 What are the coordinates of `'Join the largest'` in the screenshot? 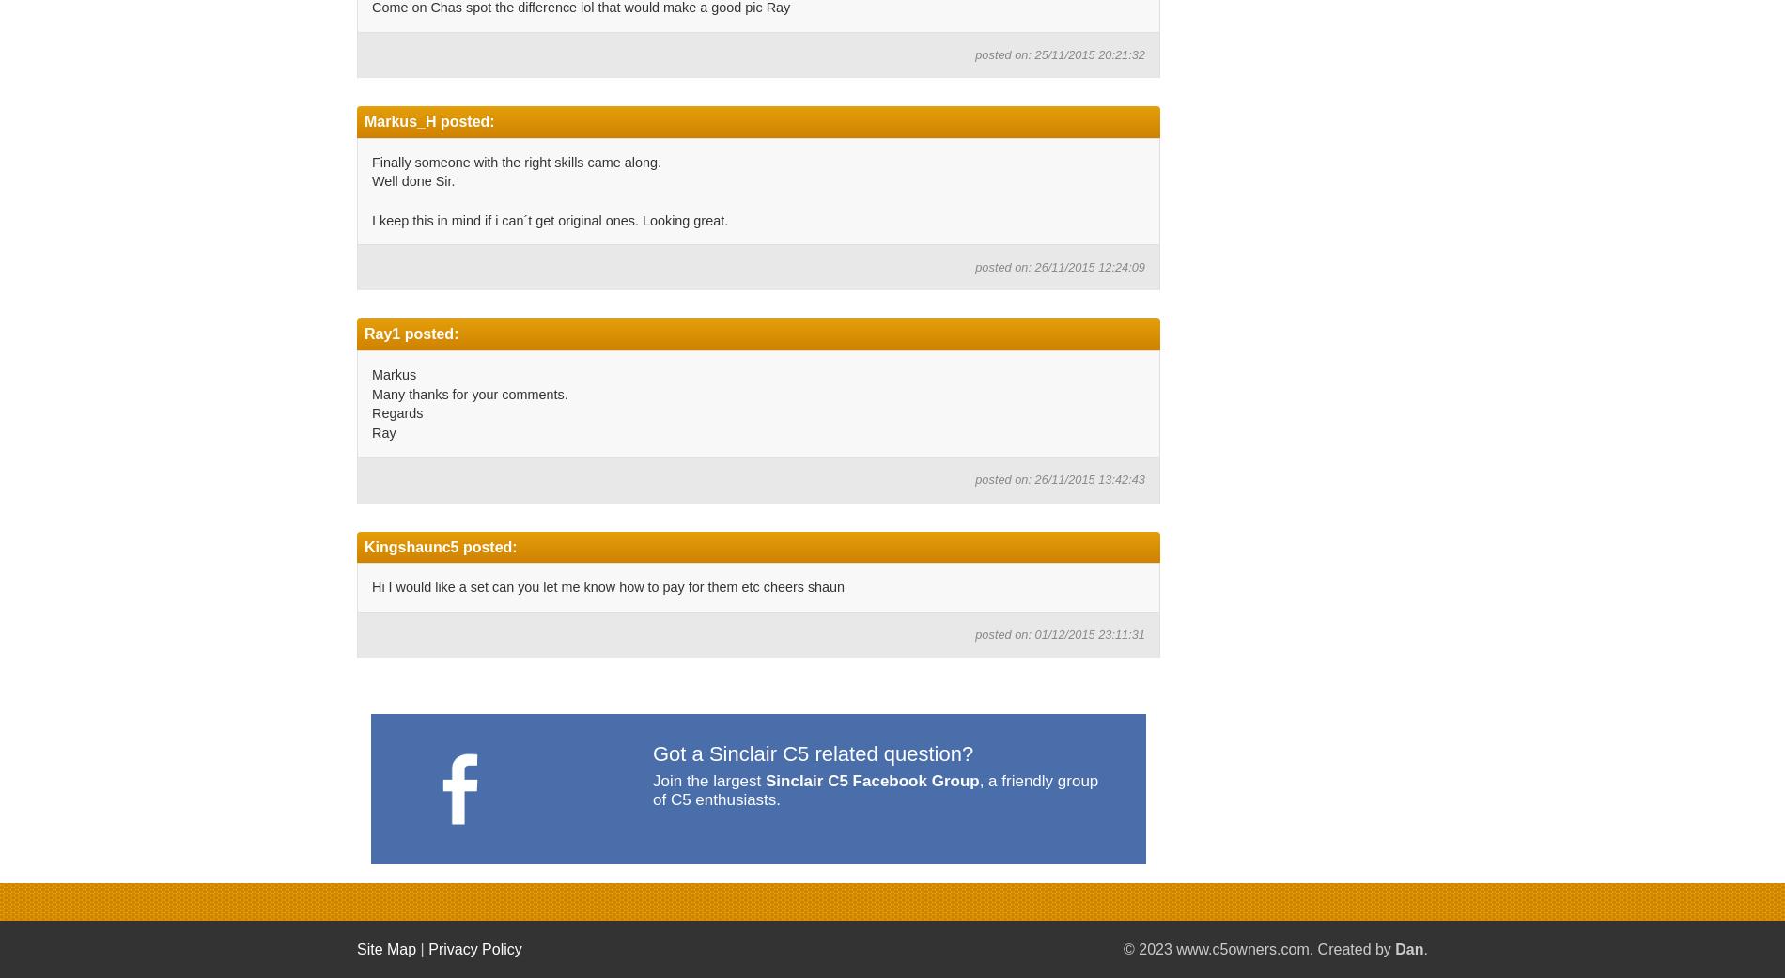 It's located at (707, 781).